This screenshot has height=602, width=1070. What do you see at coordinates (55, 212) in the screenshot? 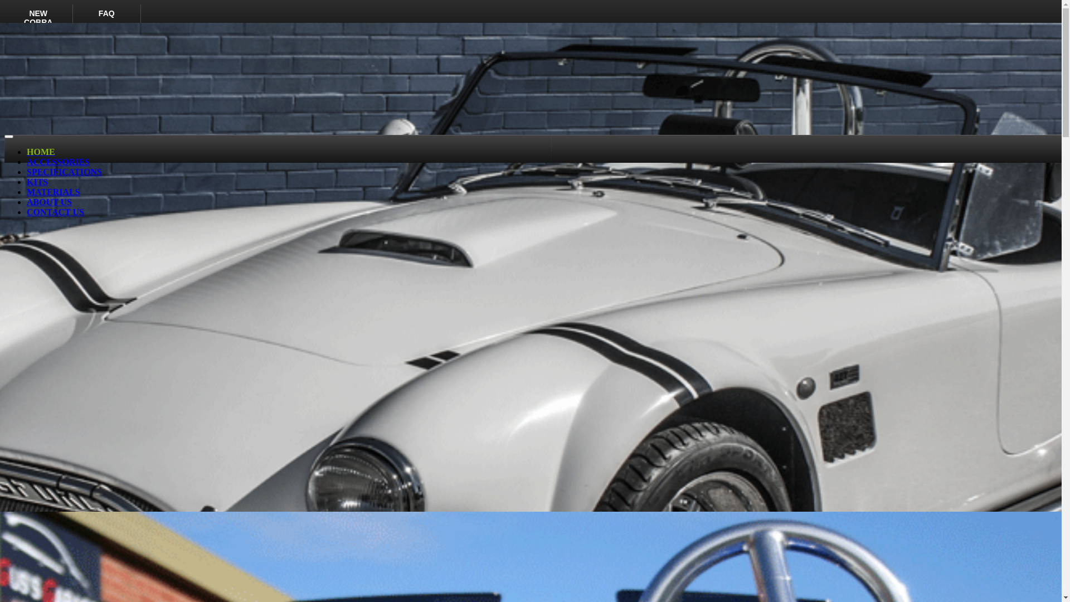
I see `'CONTACT US'` at bounding box center [55, 212].